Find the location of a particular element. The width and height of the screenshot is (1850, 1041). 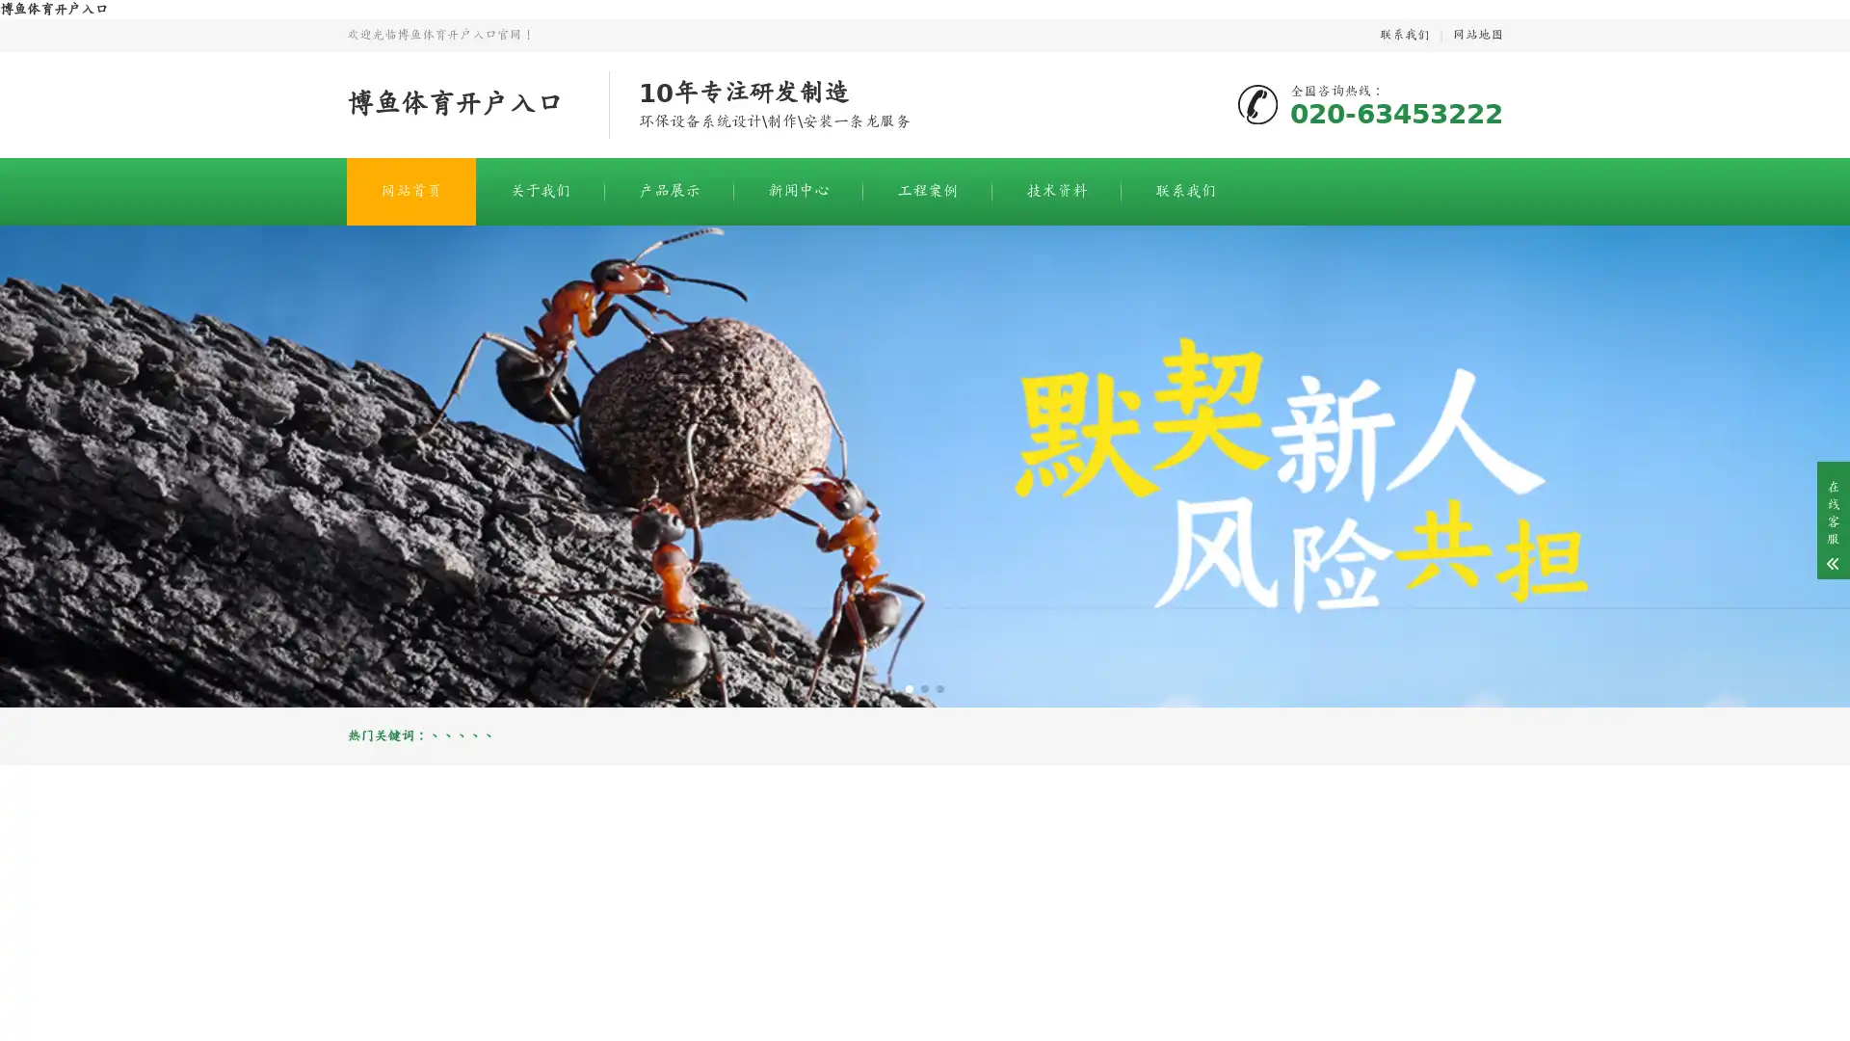

Go to slide 1 is located at coordinates (909, 687).